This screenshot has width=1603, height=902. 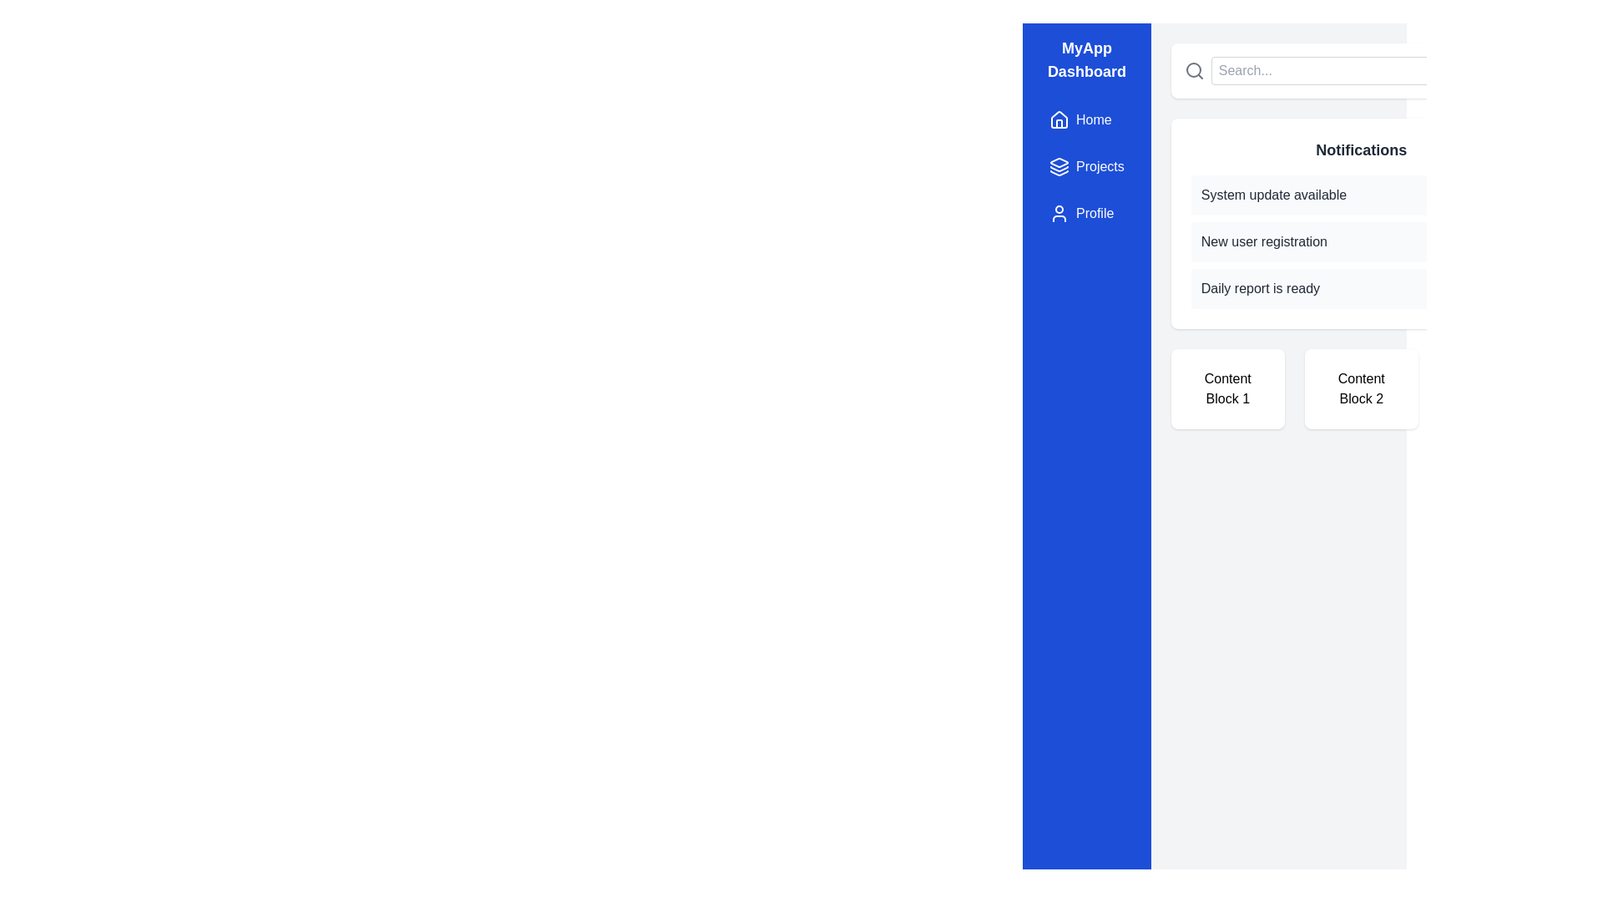 What do you see at coordinates (1086, 167) in the screenshot?
I see `the 'Projects' button, which is a horizontal rectangle with an icon of layered squares and bold white text on a blue background, located in the vertical navigation menu` at bounding box center [1086, 167].